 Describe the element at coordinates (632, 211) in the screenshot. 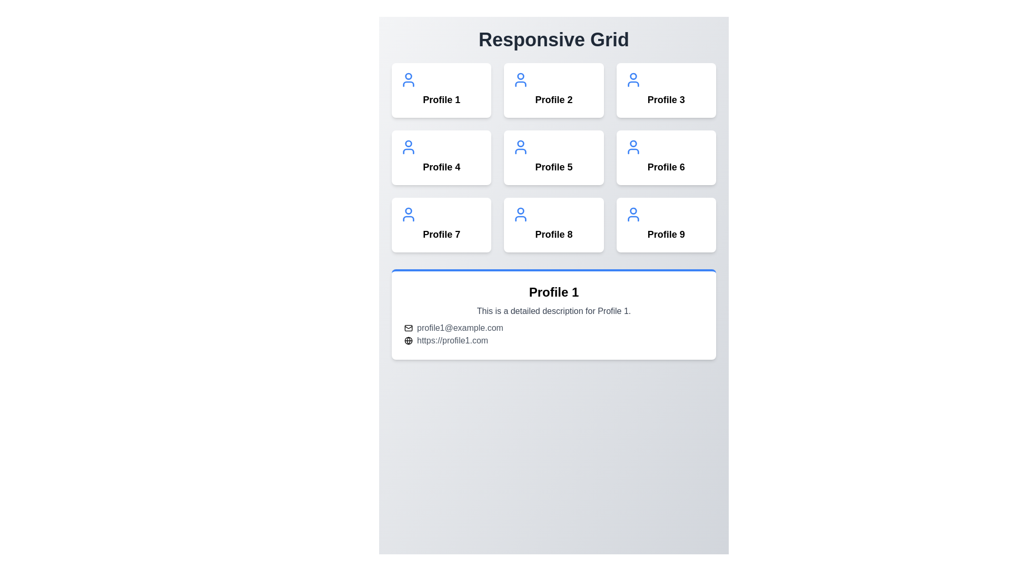

I see `the blue SVG Circle representing the user avatar in the 'Profile 9' item located in the bottom-right corner of the grid` at that location.